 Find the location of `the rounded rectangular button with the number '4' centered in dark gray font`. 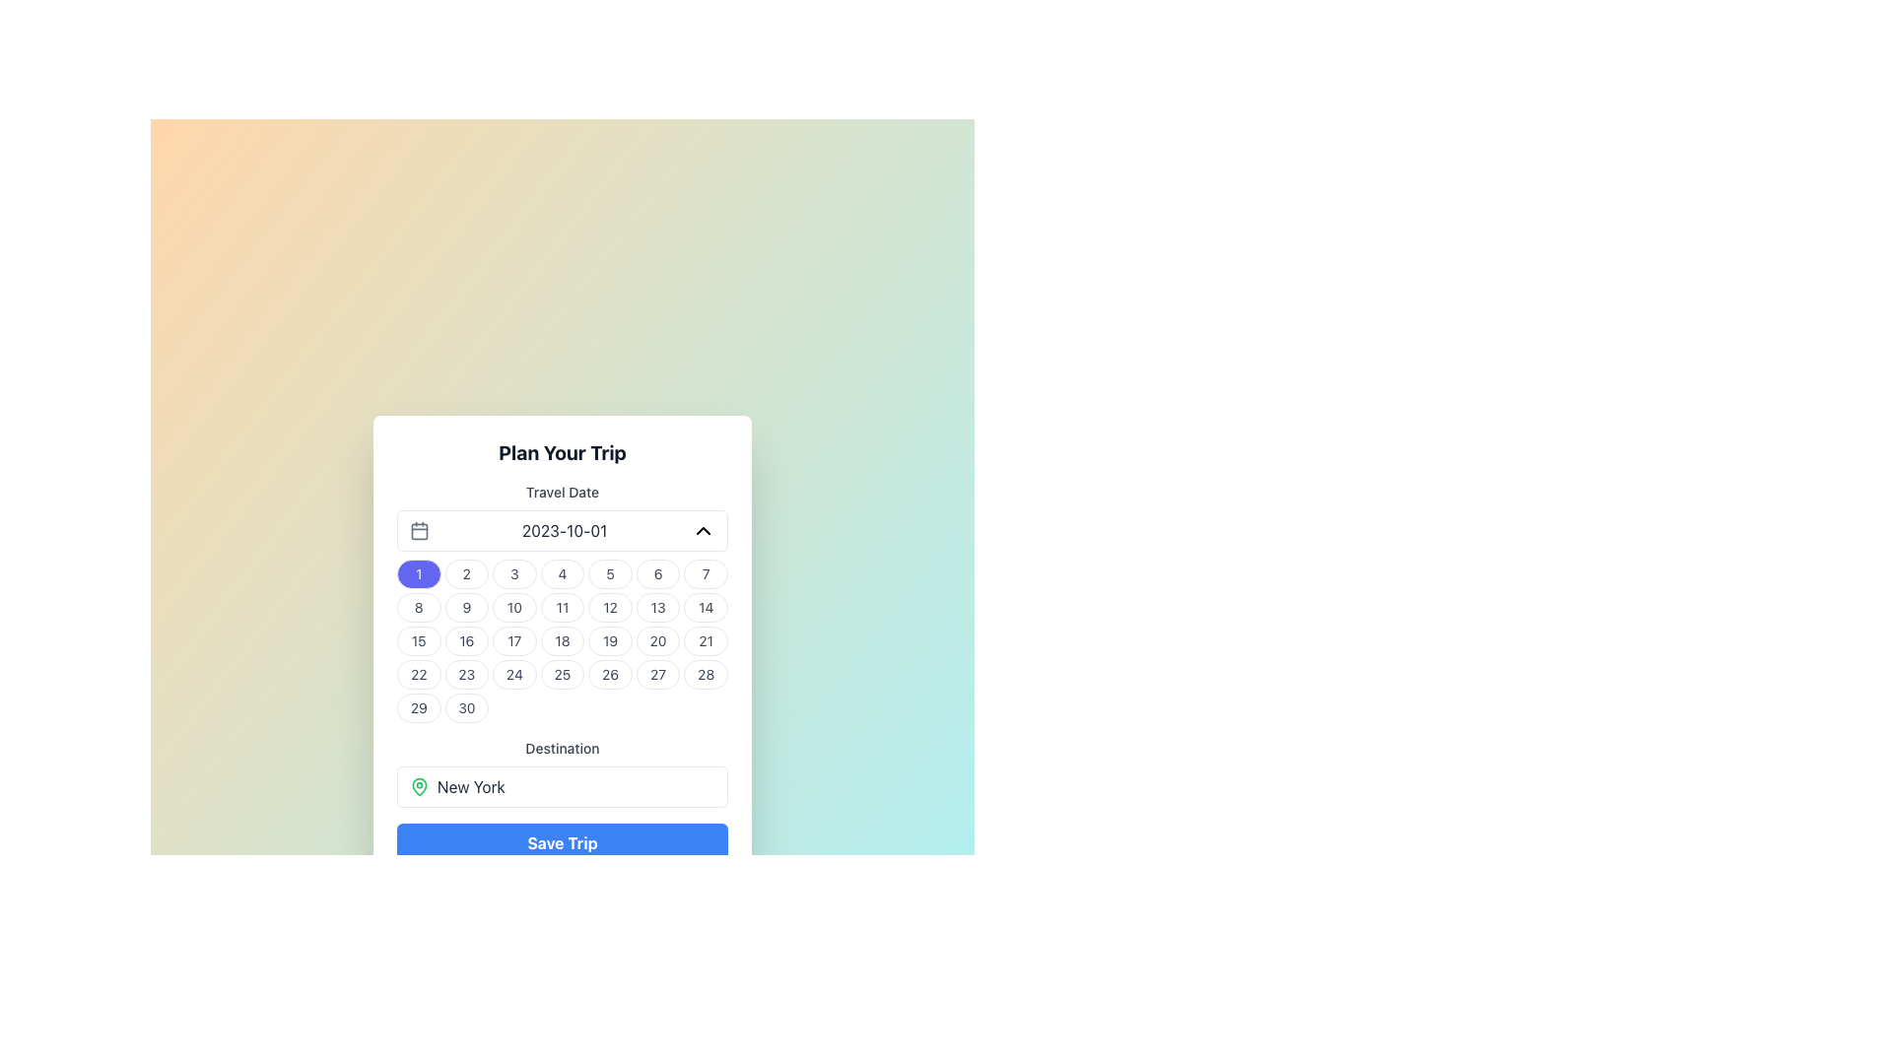

the rounded rectangular button with the number '4' centered in dark gray font is located at coordinates (562, 573).